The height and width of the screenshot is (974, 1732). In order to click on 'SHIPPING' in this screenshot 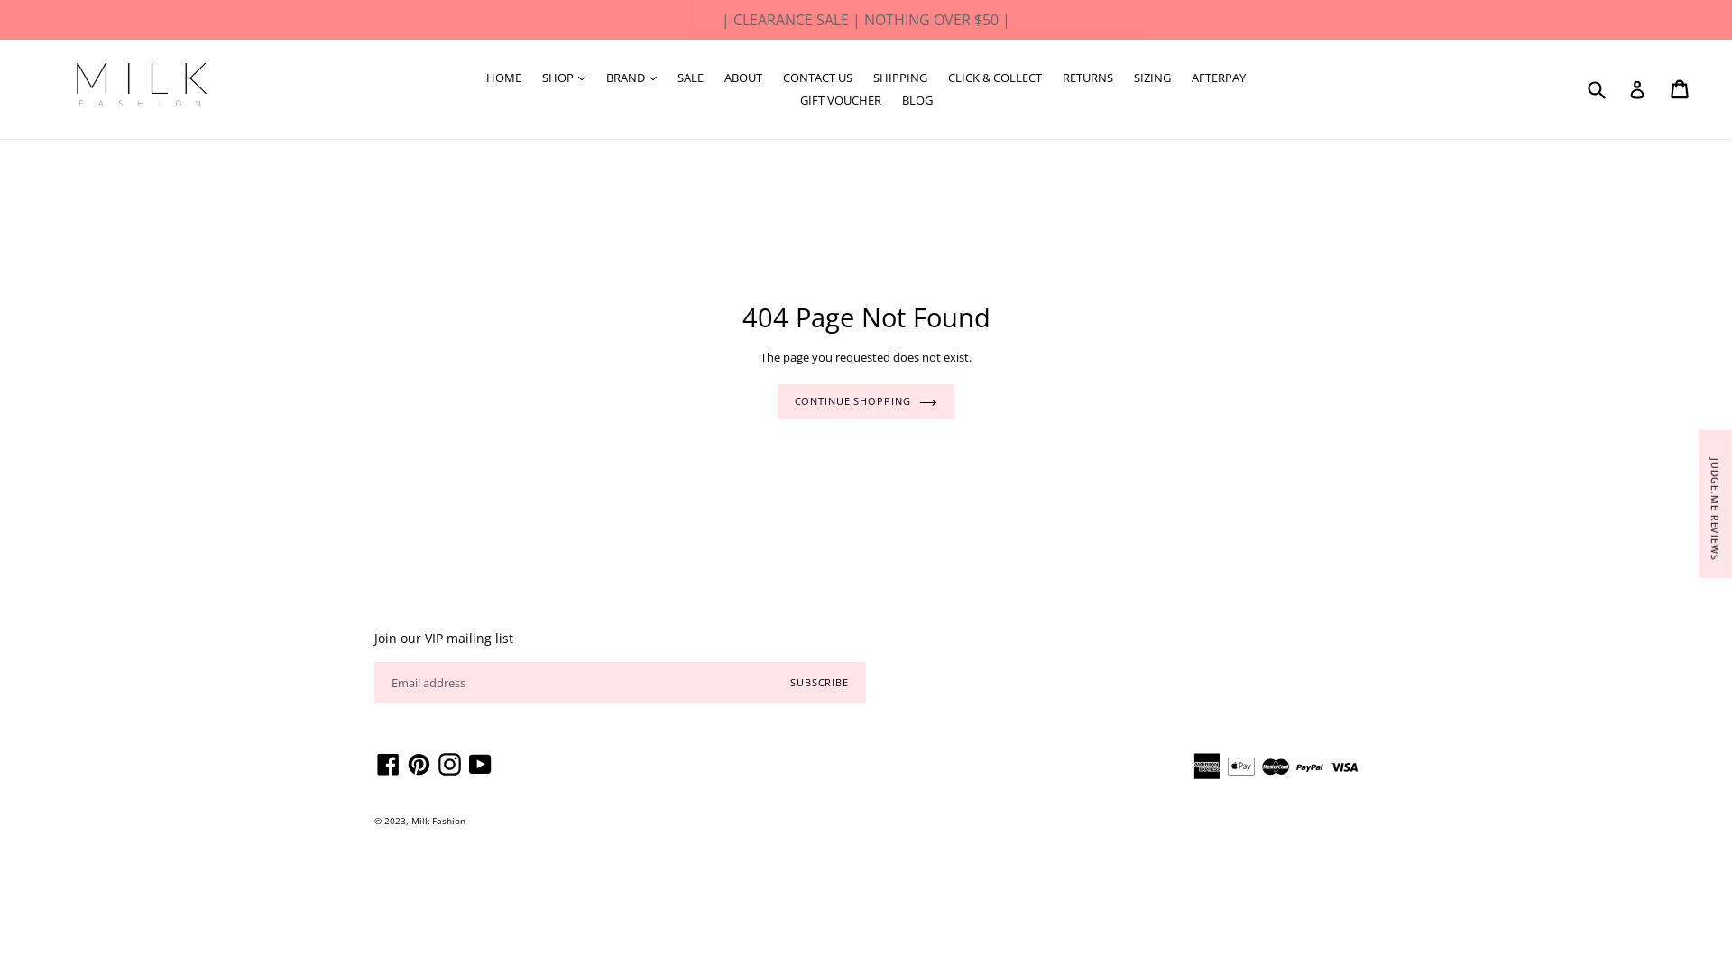, I will do `click(863, 78)`.